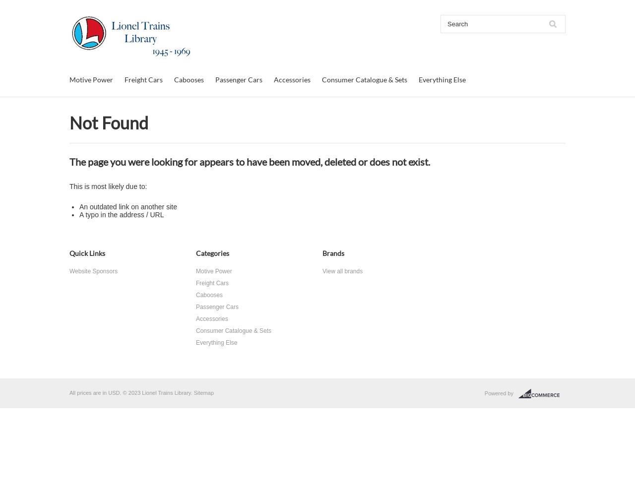 This screenshot has height=496, width=635. Describe the element at coordinates (157, 393) in the screenshot. I see `'© 2023 Lionel Trains Library.'` at that location.